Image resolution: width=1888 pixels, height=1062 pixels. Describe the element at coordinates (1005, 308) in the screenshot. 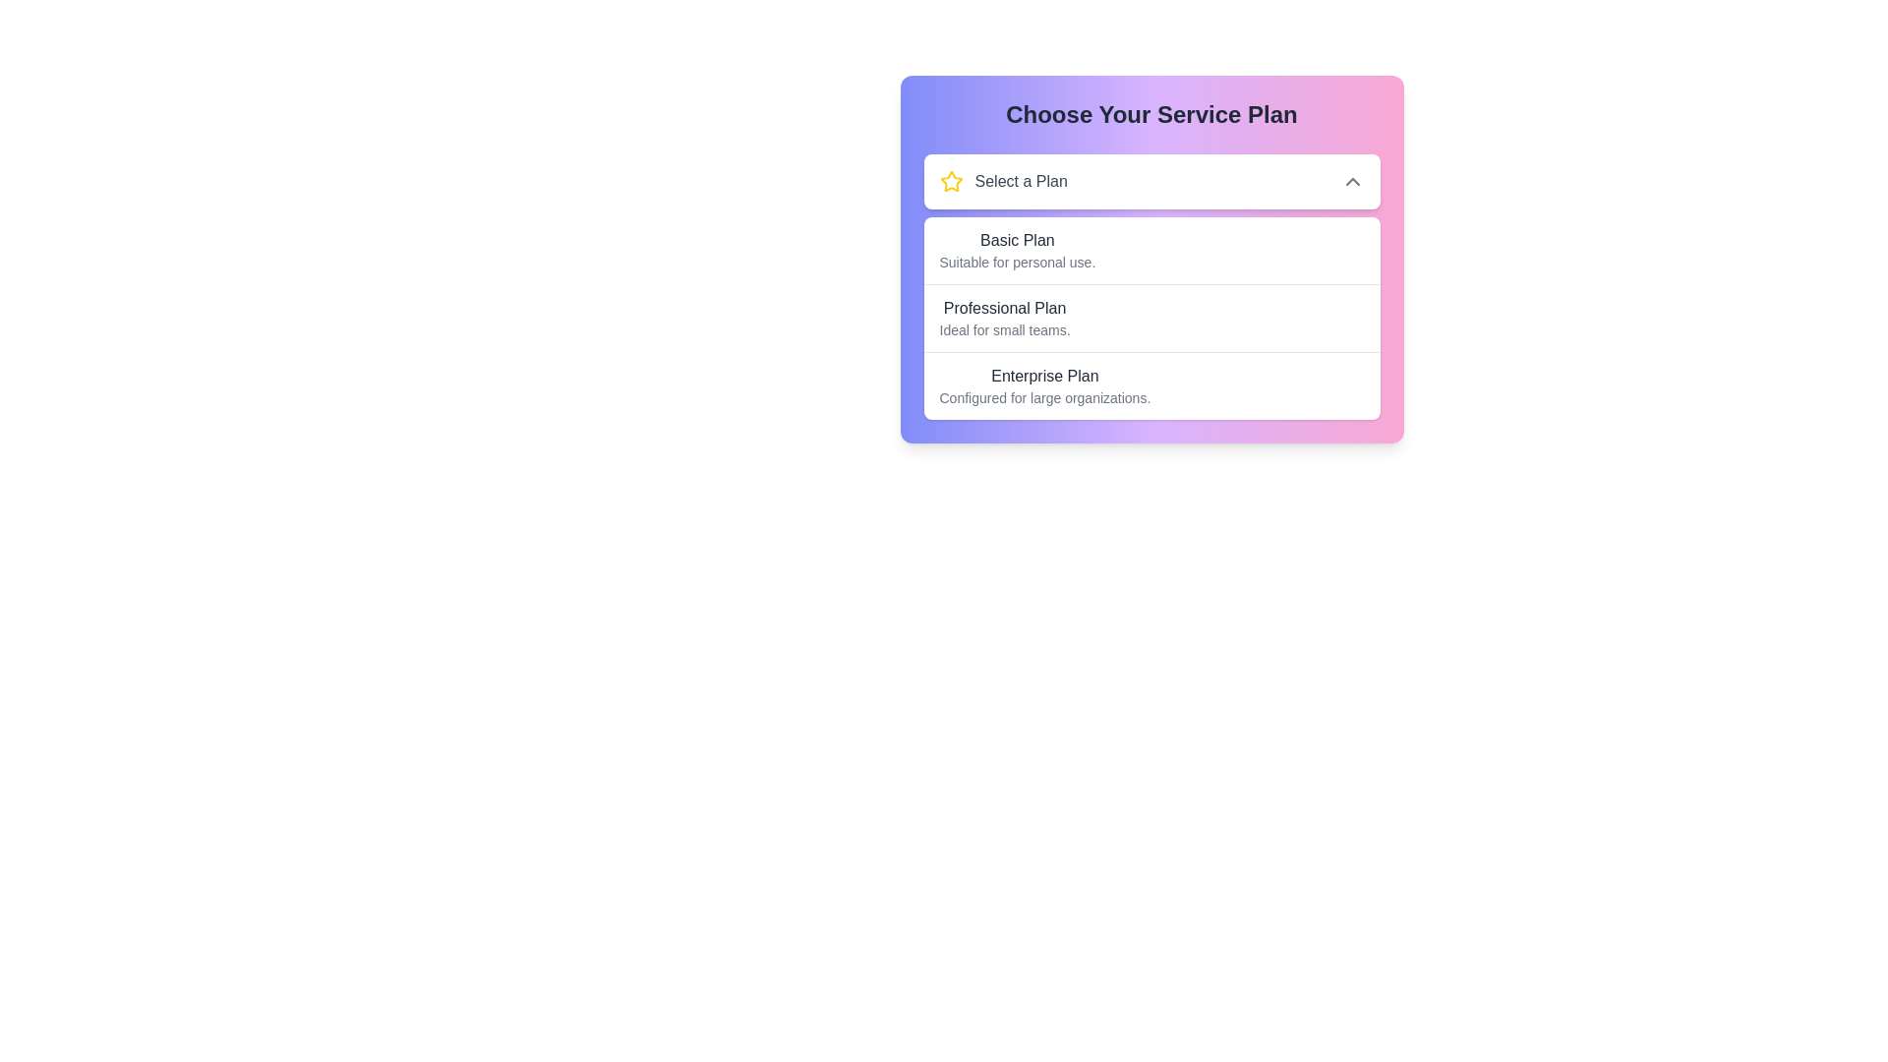

I see `text content of the 'Professional Plan' label located in the dropdown menu of service plans, positioned between 'Basic Plan' and 'Enterprise Plan'` at that location.